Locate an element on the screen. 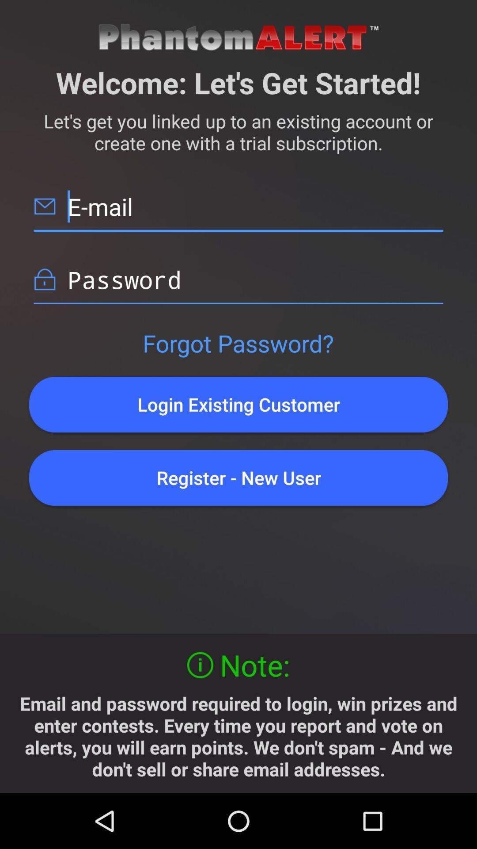 The width and height of the screenshot is (477, 849). login existing customer icon is located at coordinates (238, 404).